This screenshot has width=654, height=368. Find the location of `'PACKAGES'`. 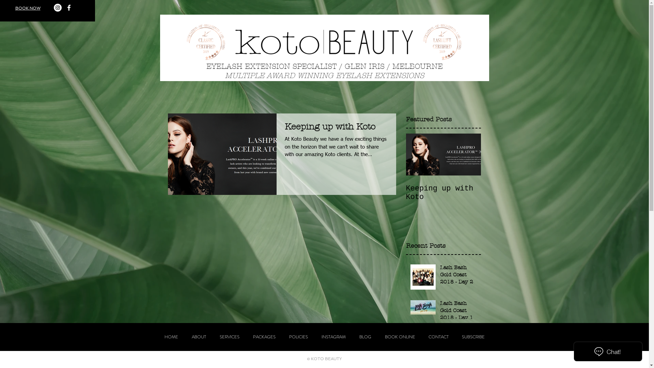

'PACKAGES' is located at coordinates (263, 336).